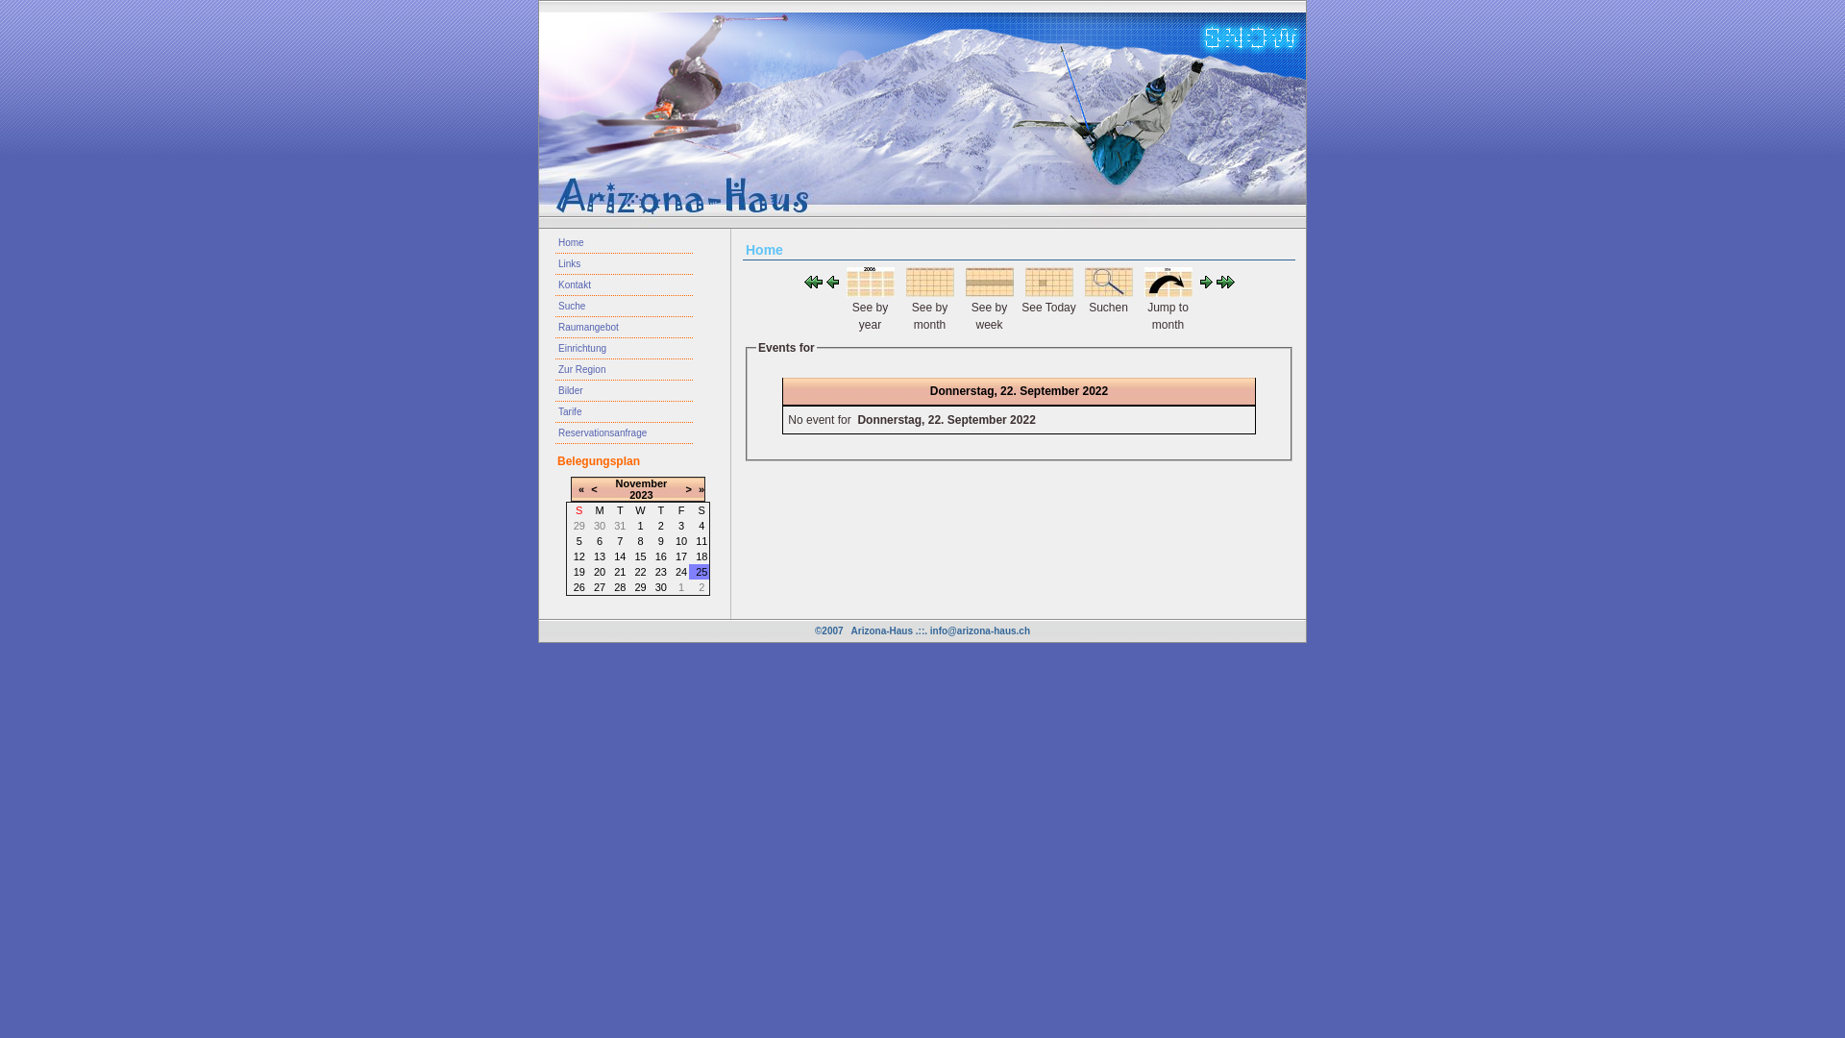 The height and width of the screenshot is (1038, 1845). Describe the element at coordinates (640, 541) in the screenshot. I see `'8'` at that location.